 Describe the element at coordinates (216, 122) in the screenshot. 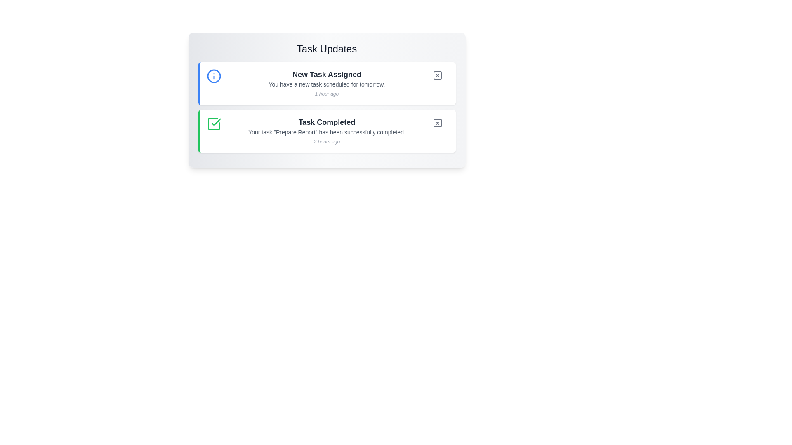

I see `the green checkmark icon within the 'Task Completed' notification card, which indicates a completed or approved action` at that location.